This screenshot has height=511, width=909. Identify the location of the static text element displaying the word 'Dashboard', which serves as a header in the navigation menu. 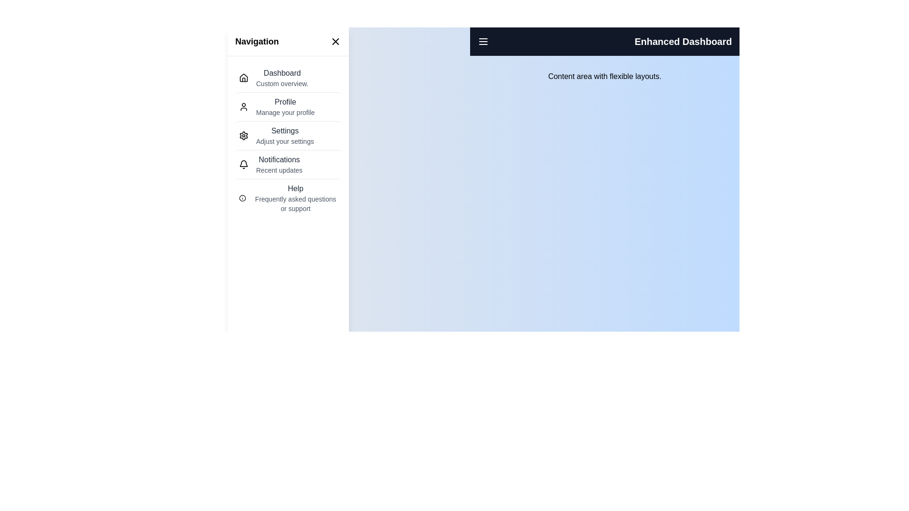
(282, 72).